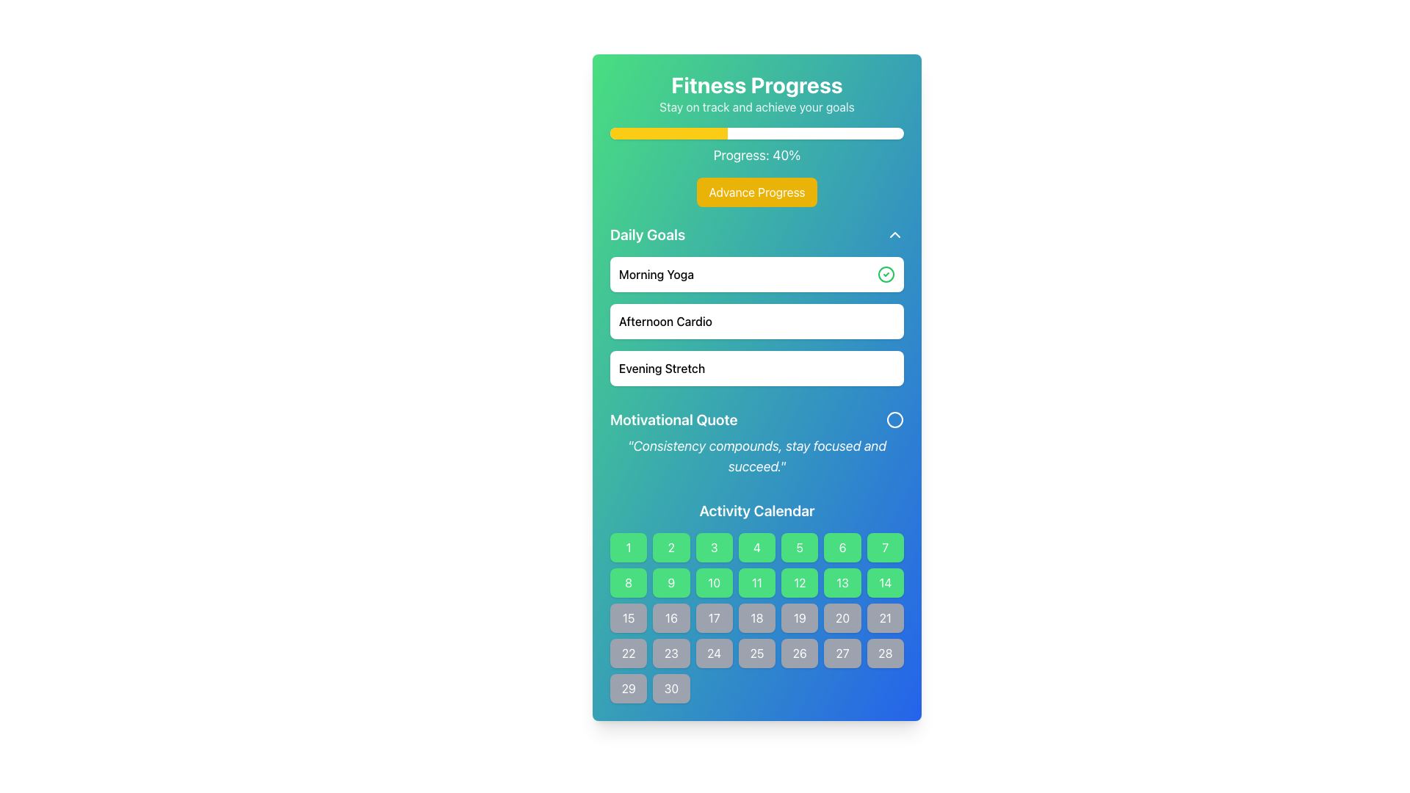 The image size is (1410, 793). What do you see at coordinates (665, 321) in the screenshot?
I see `text label that displays 'Afternoon Cardio', located within the second item of the 'Daily Goals' list` at bounding box center [665, 321].